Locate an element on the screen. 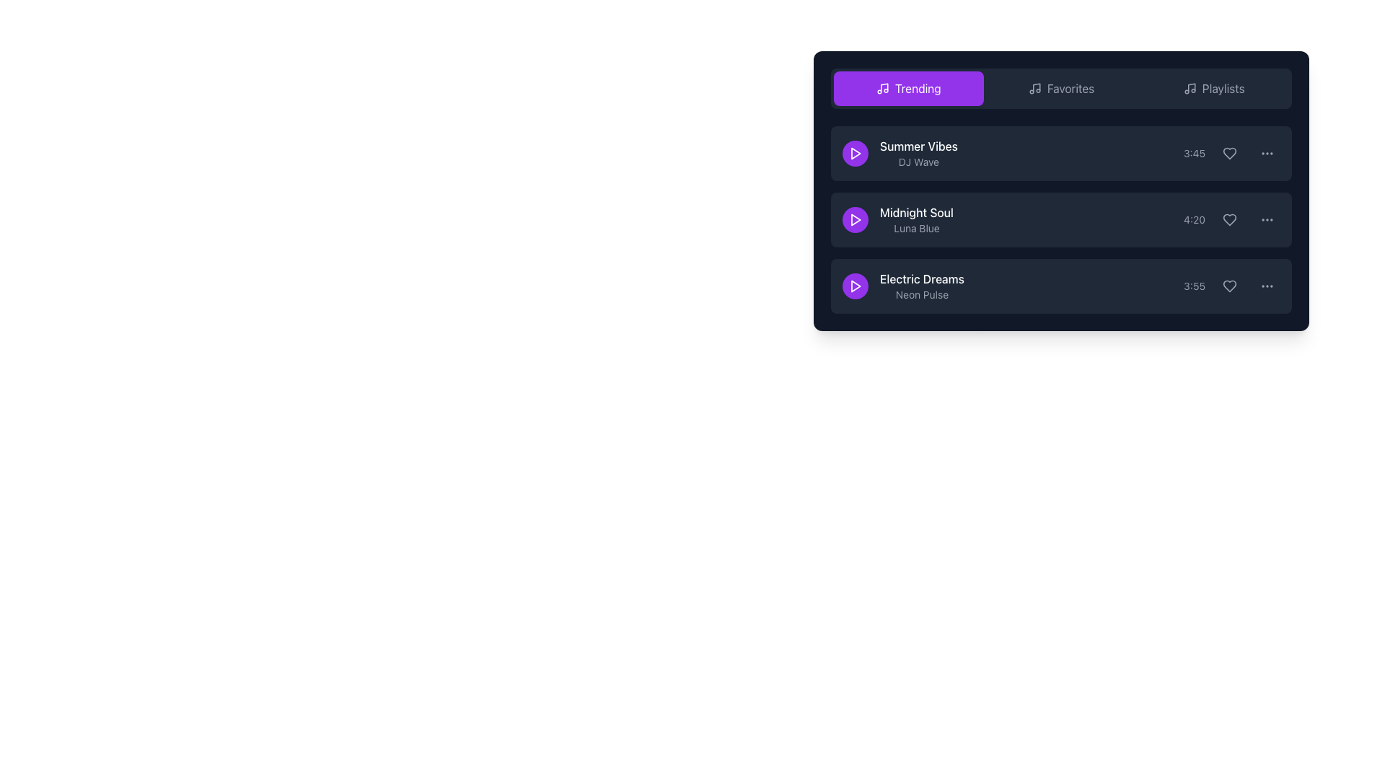 Image resolution: width=1385 pixels, height=779 pixels. the ellipsis icon located on the right side of the first list item is located at coordinates (1266, 153).